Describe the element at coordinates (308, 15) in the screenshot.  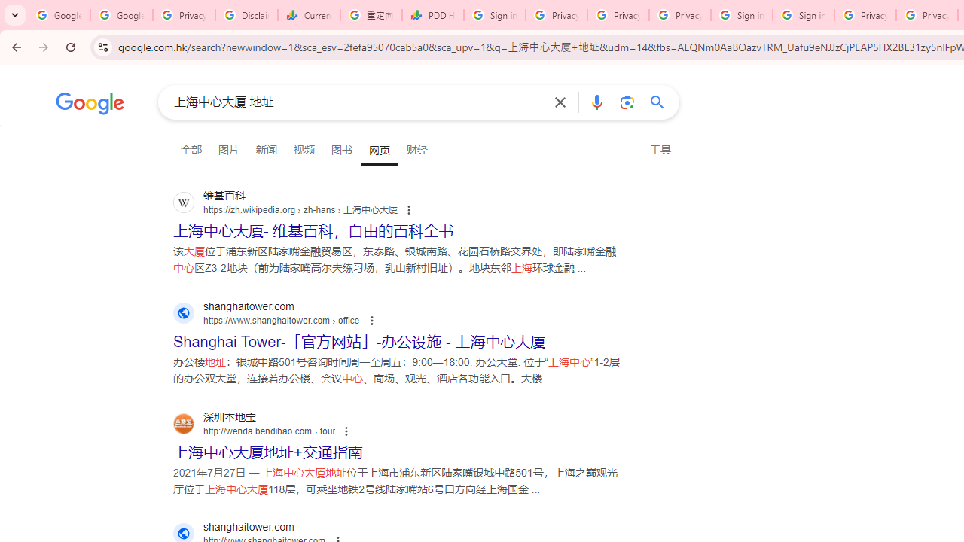
I see `'Currencies - Google Finance'` at that location.